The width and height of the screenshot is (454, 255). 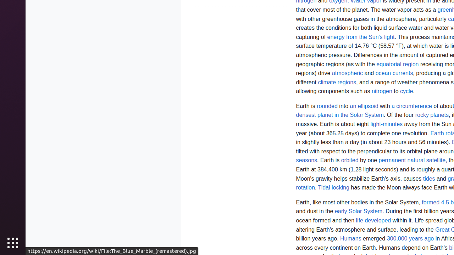 What do you see at coordinates (327, 106) in the screenshot?
I see `'rounded'` at bounding box center [327, 106].